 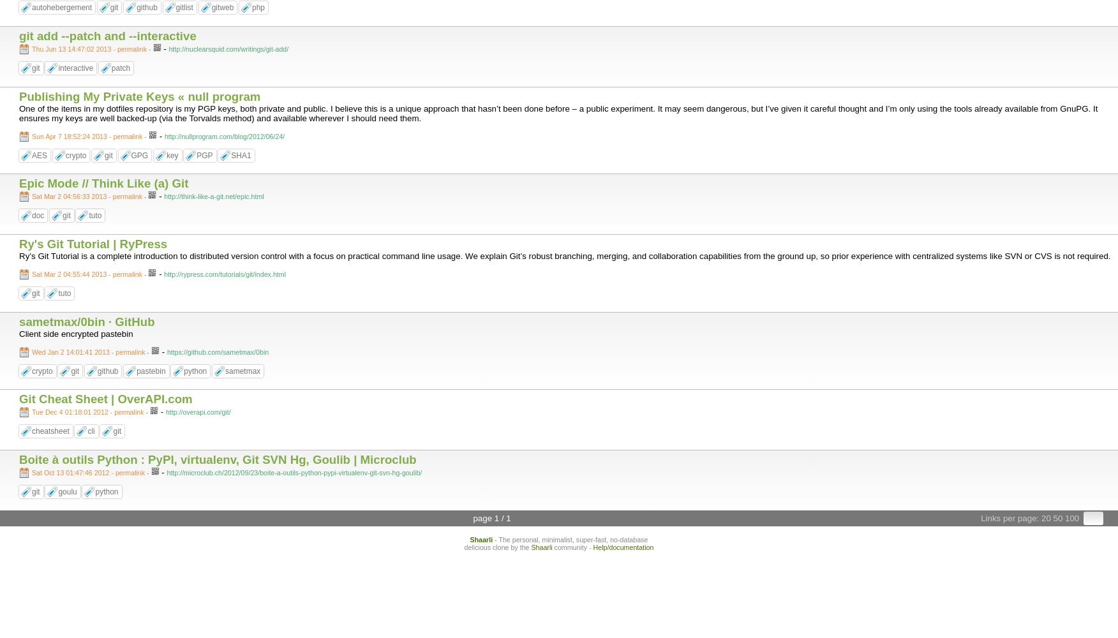 What do you see at coordinates (107, 35) in the screenshot?
I see `'git add --patch and --interactive'` at bounding box center [107, 35].